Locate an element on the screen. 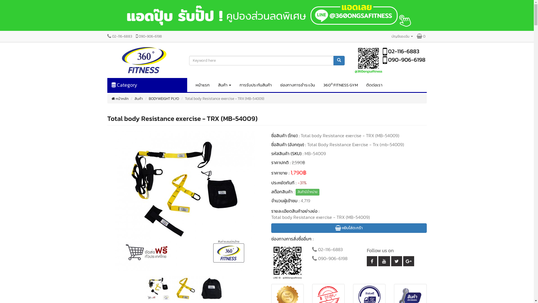  'Category' is located at coordinates (147, 85).